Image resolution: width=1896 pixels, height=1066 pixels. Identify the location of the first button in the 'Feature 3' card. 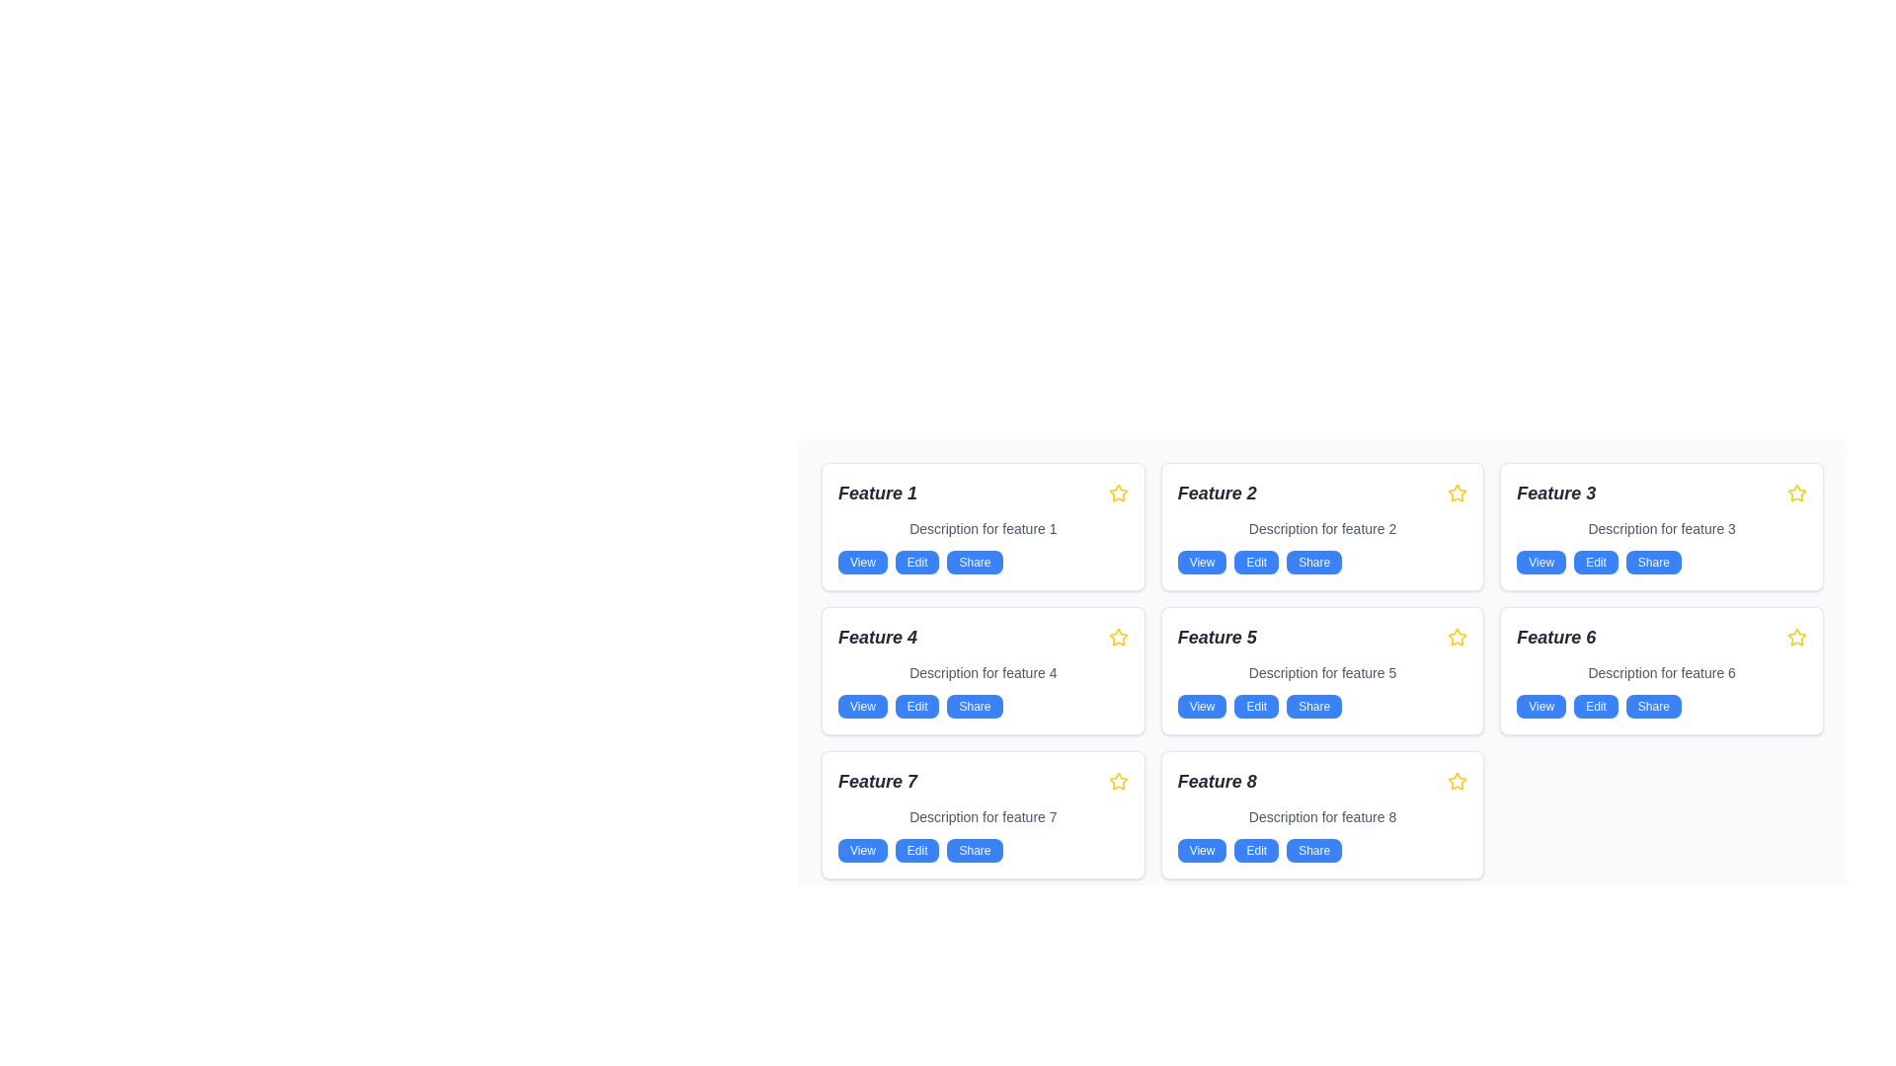
(1540, 563).